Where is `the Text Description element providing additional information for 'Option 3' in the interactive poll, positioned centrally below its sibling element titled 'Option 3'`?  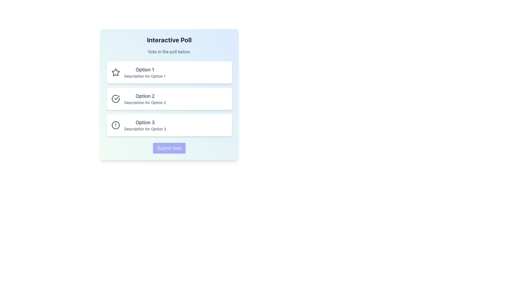
the Text Description element providing additional information for 'Option 3' in the interactive poll, positioned centrally below its sibling element titled 'Option 3' is located at coordinates (145, 129).